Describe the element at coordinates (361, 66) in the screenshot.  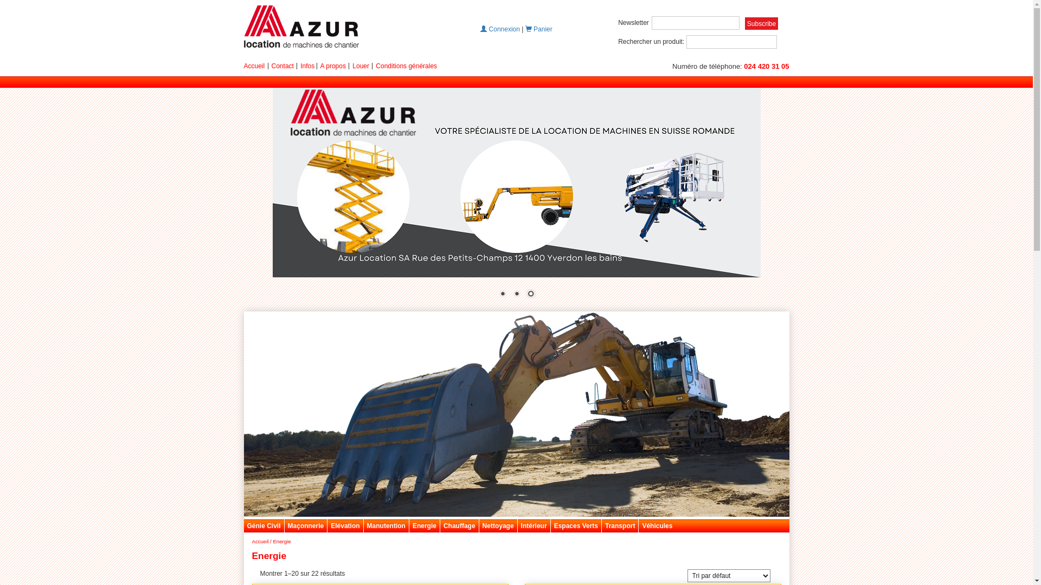
I see `'Louer'` at that location.